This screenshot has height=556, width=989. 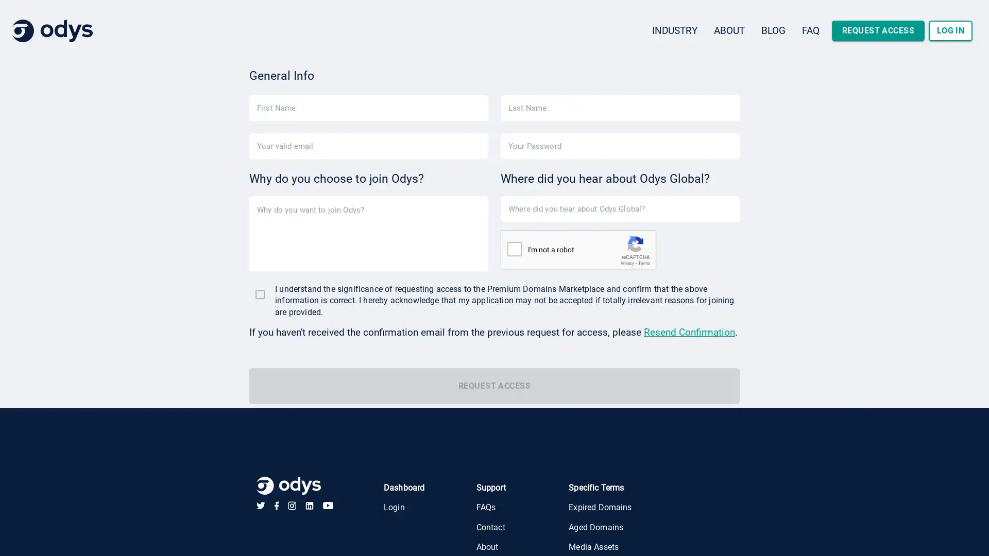 I want to click on LOG IN, so click(x=950, y=30).